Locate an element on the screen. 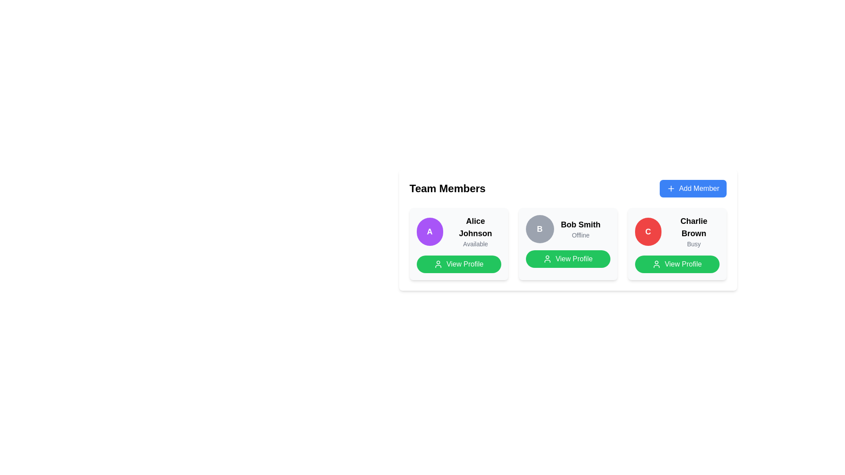 The width and height of the screenshot is (845, 475). the text label component displaying 'Charlie Brown', which is styled in large bold font and positioned at the top of the third card in the 'Team Members' section is located at coordinates (693, 227).